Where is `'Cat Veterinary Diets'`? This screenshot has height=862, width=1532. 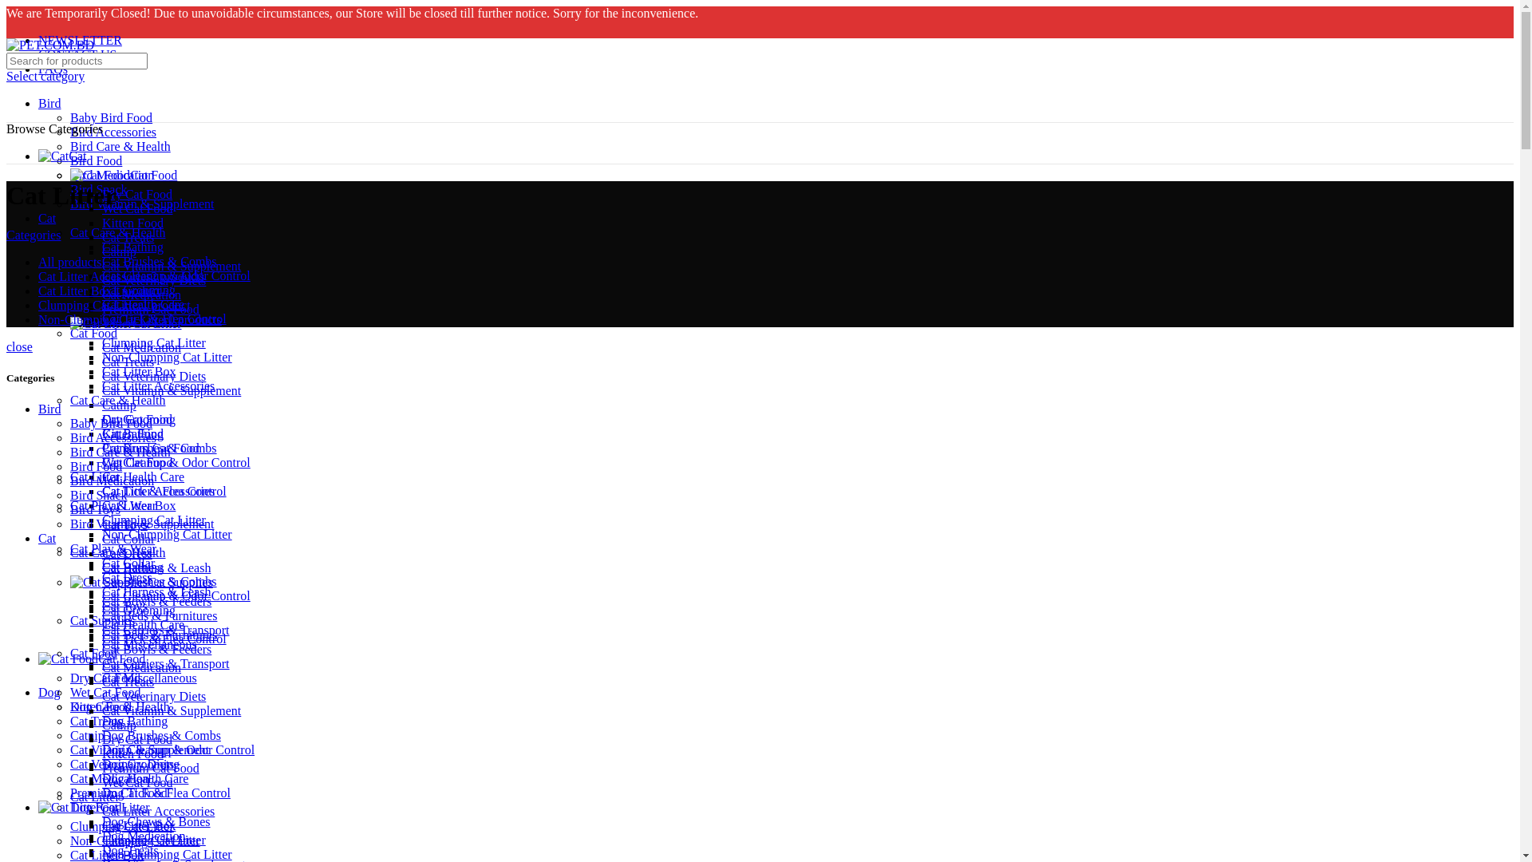
'Cat Veterinary Diets' is located at coordinates (153, 376).